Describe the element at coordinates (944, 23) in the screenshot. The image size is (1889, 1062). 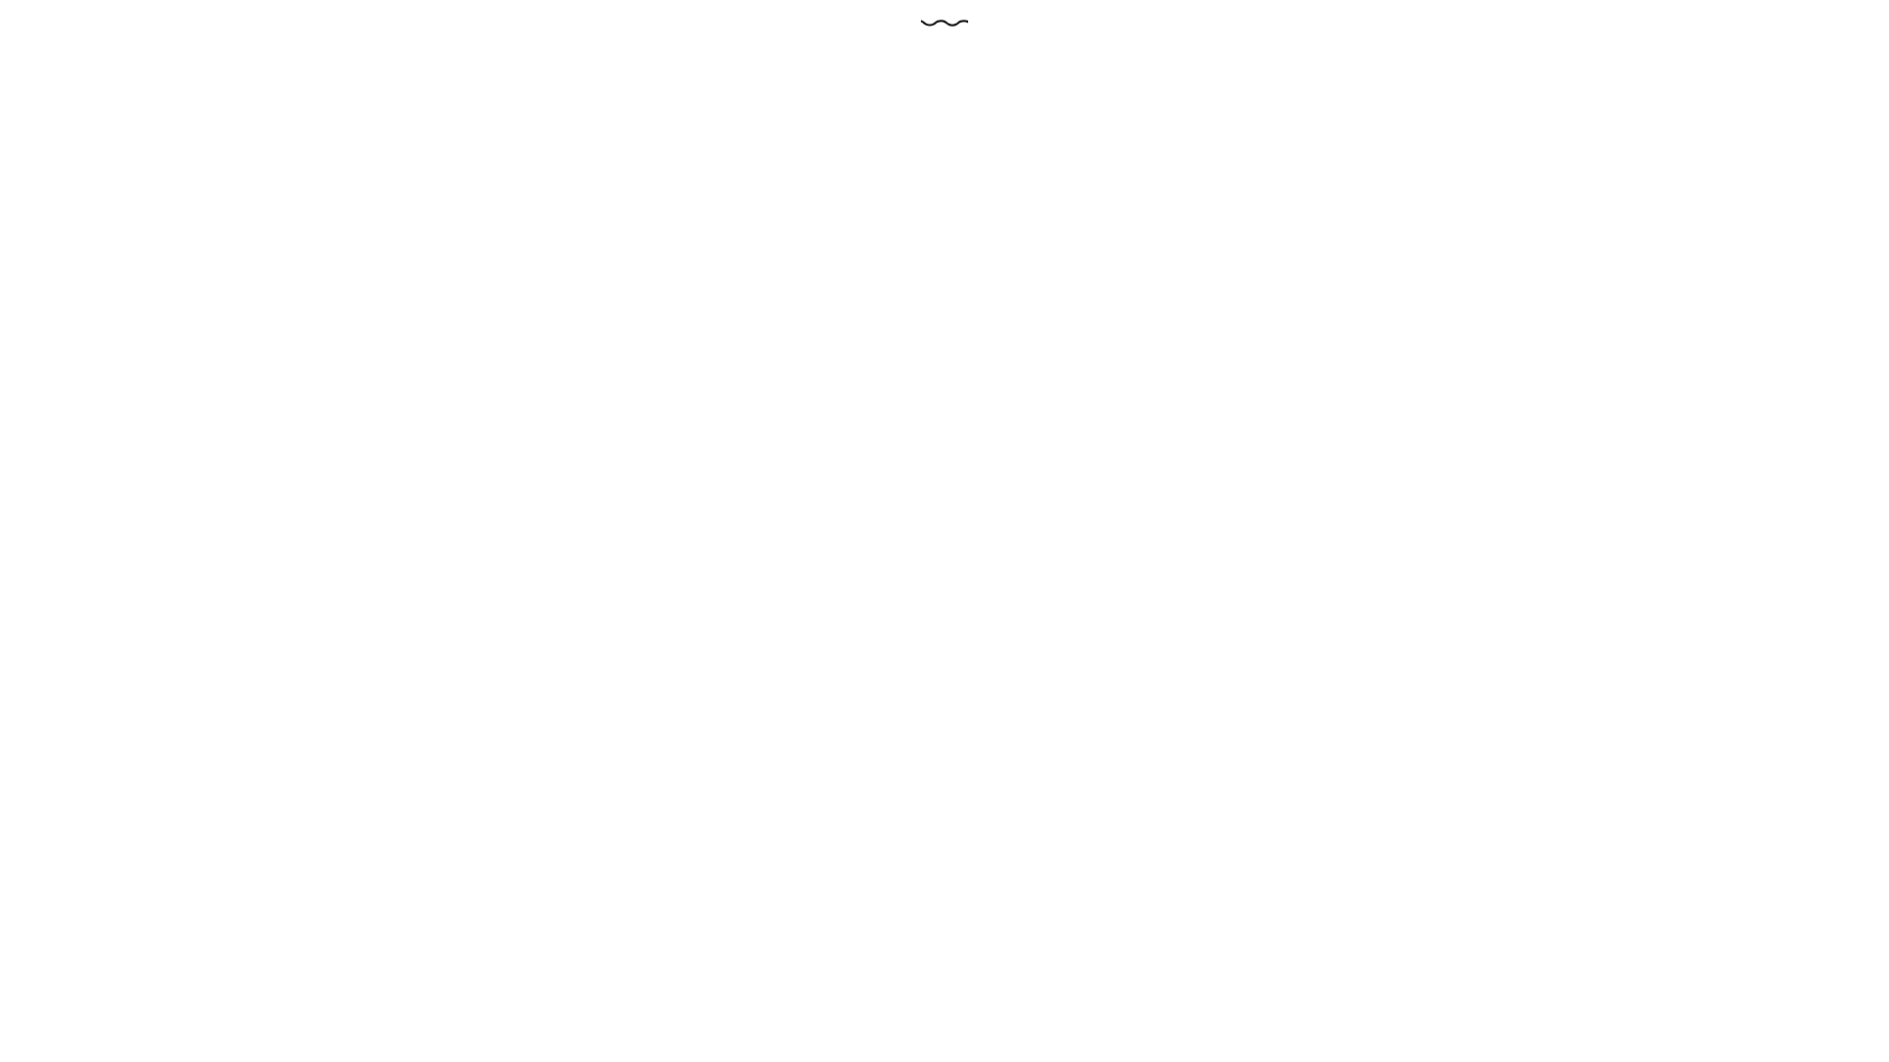
I see `'loading animation'` at that location.